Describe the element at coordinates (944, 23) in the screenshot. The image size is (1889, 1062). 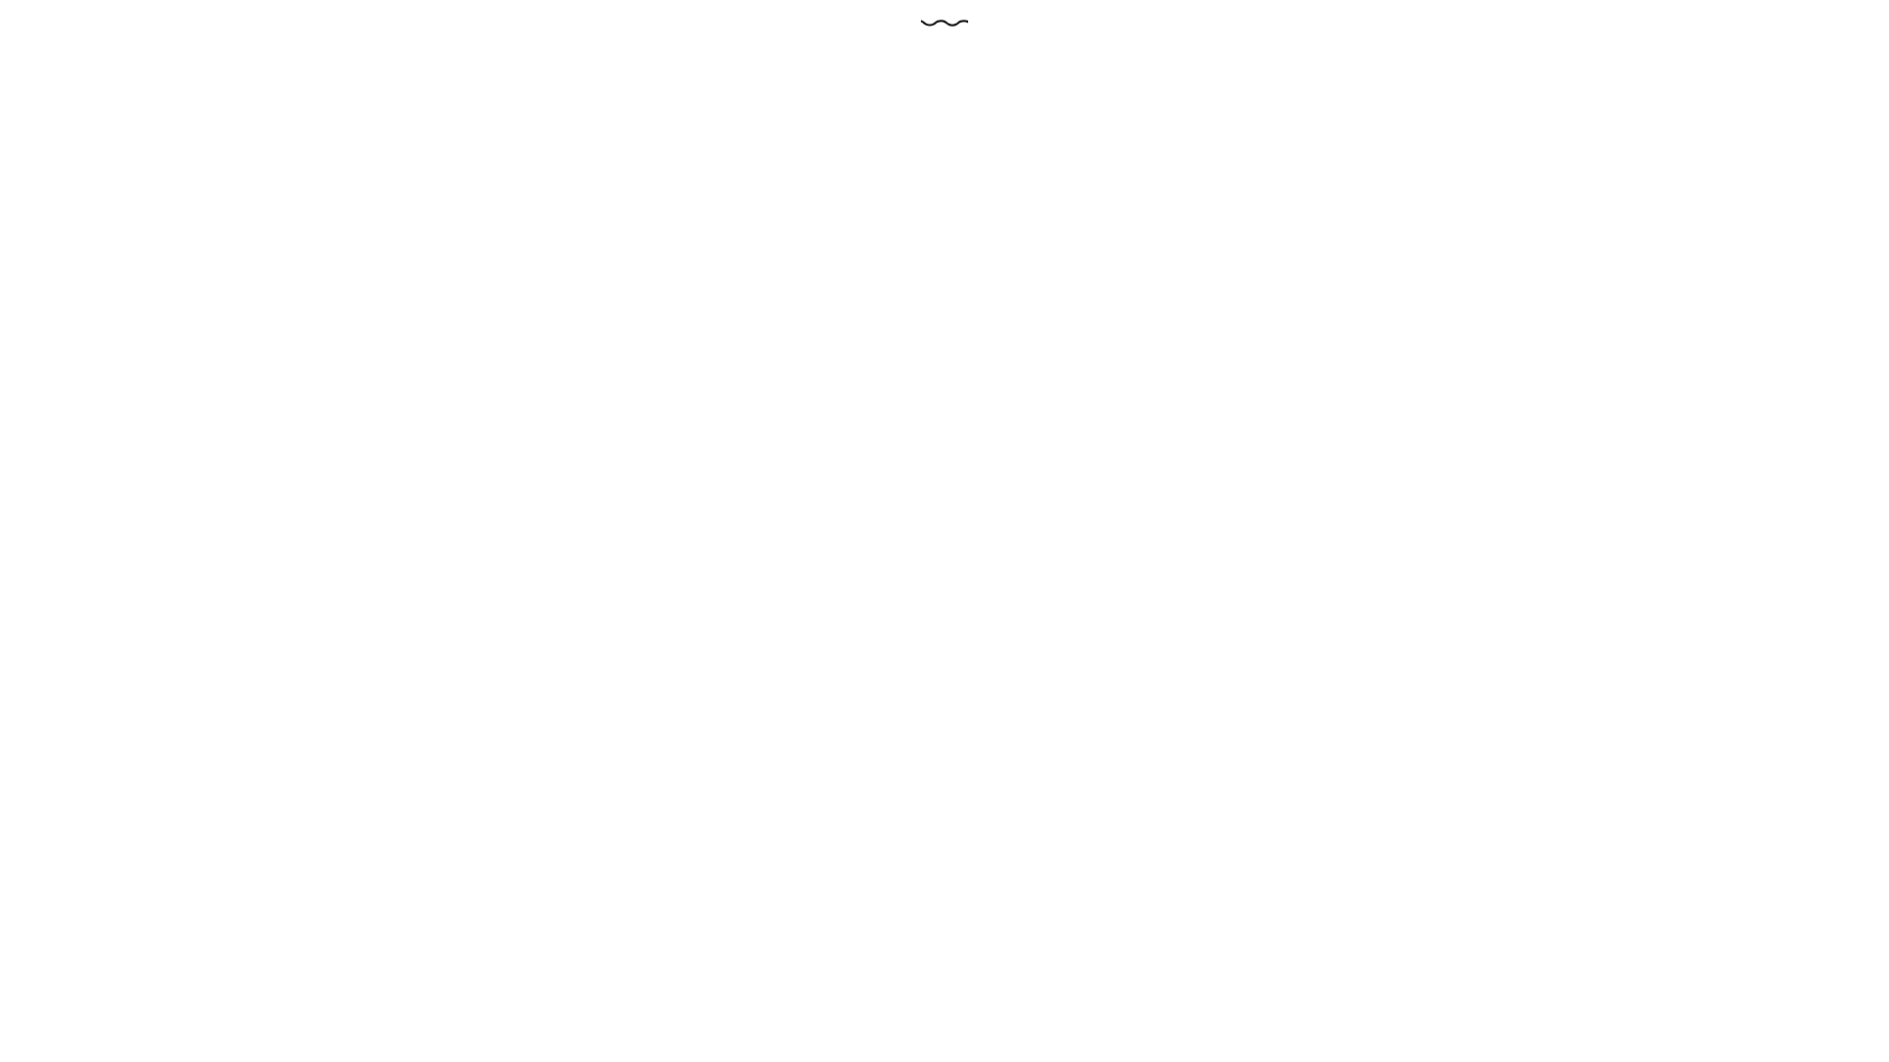
I see `'loading animation'` at that location.